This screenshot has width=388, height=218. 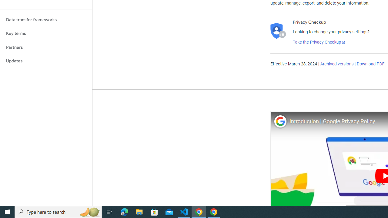 I want to click on 'Updates', so click(x=46, y=61).